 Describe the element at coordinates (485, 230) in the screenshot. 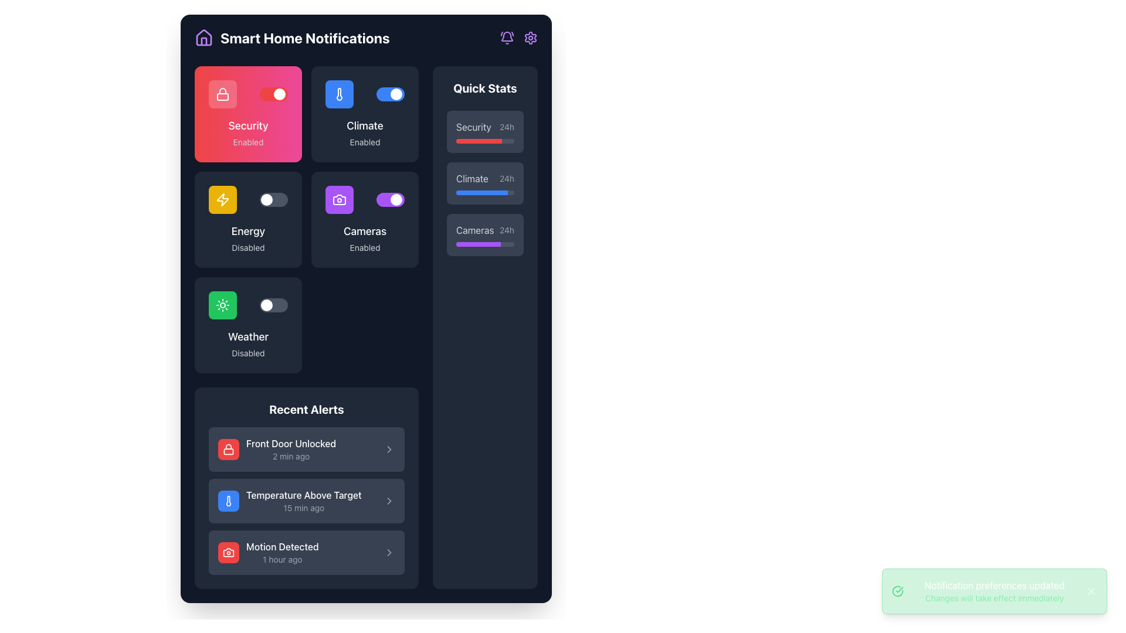

I see `the 'Cameras' label in the statistics section, which indicates a '24h' time frame and is positioned between 'Climate 24h' and a progress bar` at that location.